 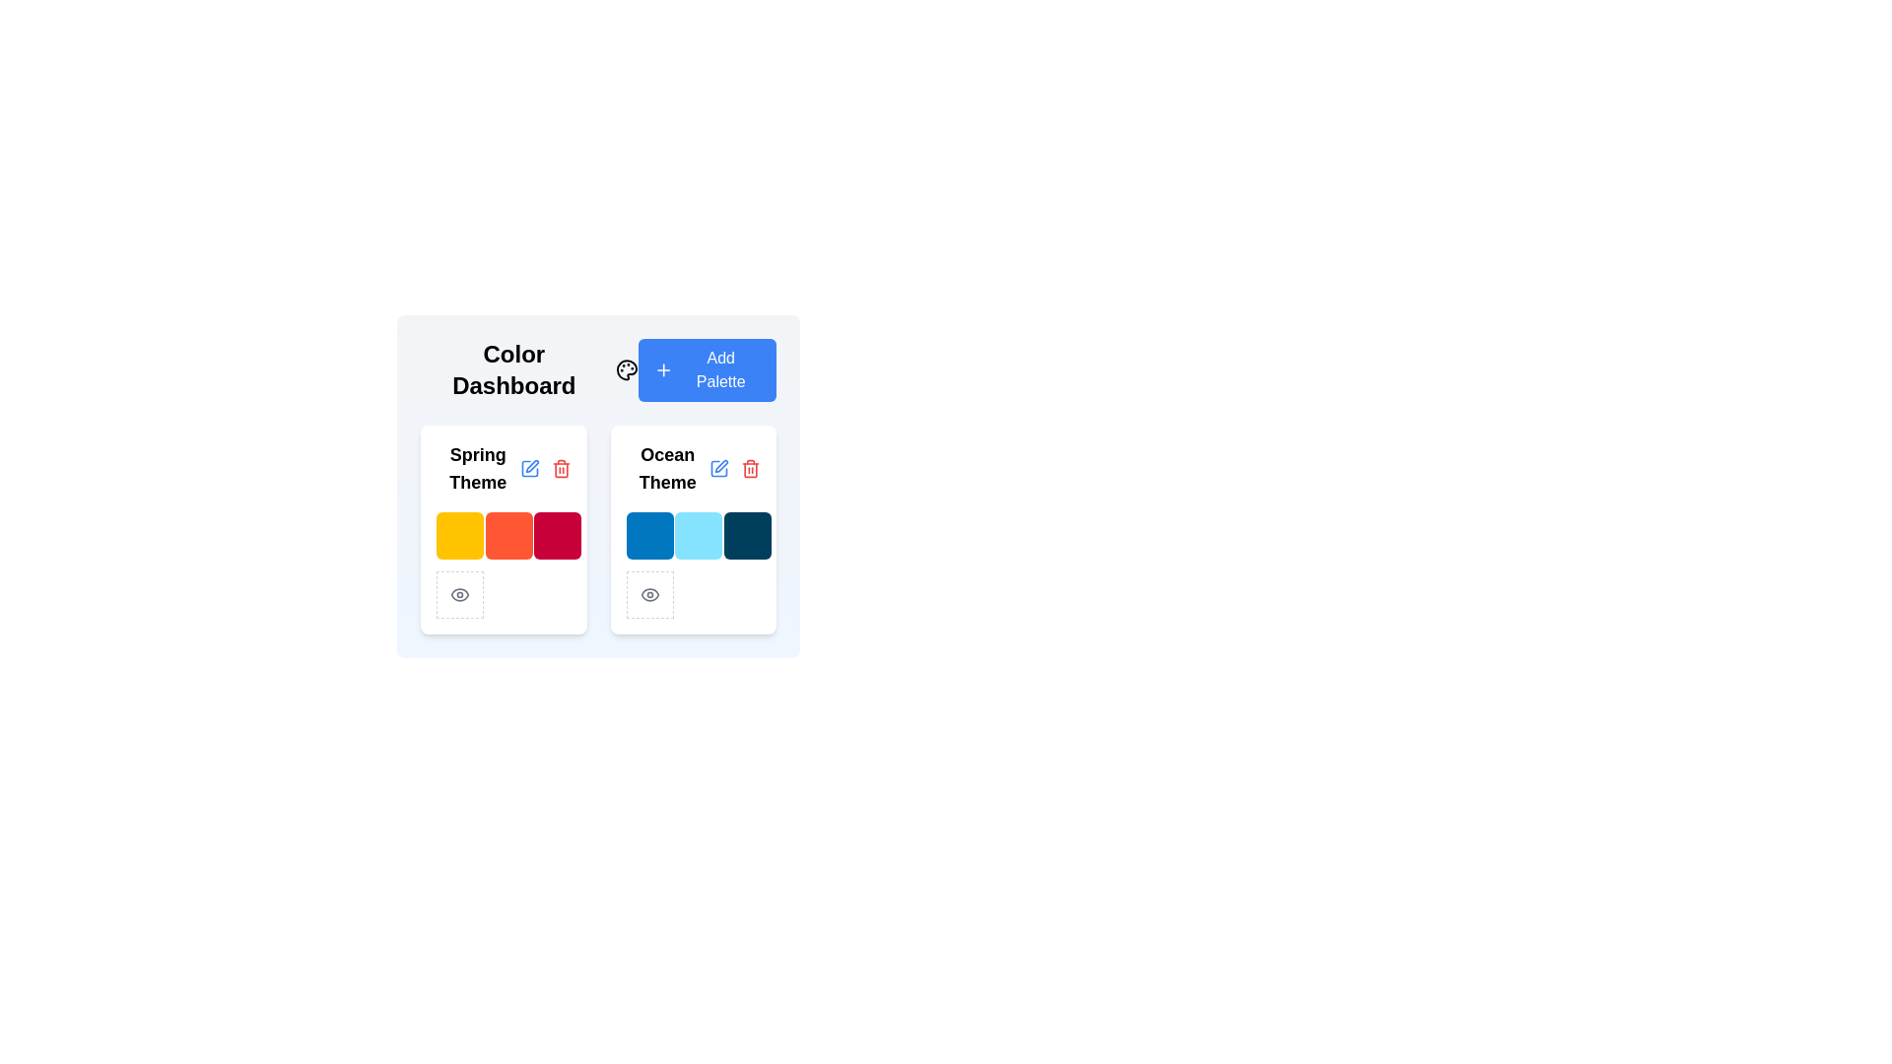 What do you see at coordinates (504, 468) in the screenshot?
I see `the text label displaying the theme name 'Spring Theme' located at the top-left corner of the theme card` at bounding box center [504, 468].